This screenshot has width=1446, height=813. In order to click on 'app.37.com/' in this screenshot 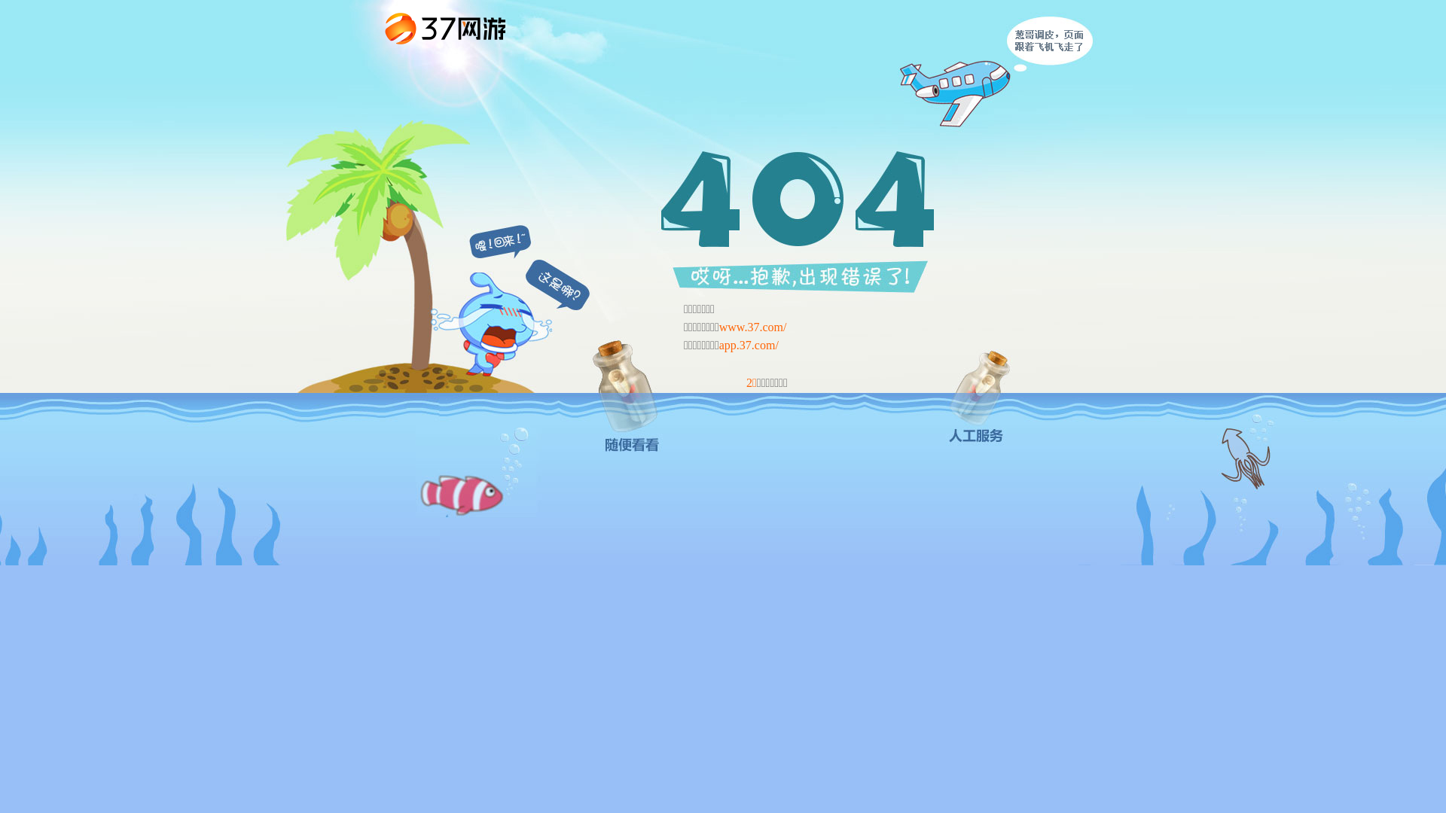, I will do `click(718, 345)`.